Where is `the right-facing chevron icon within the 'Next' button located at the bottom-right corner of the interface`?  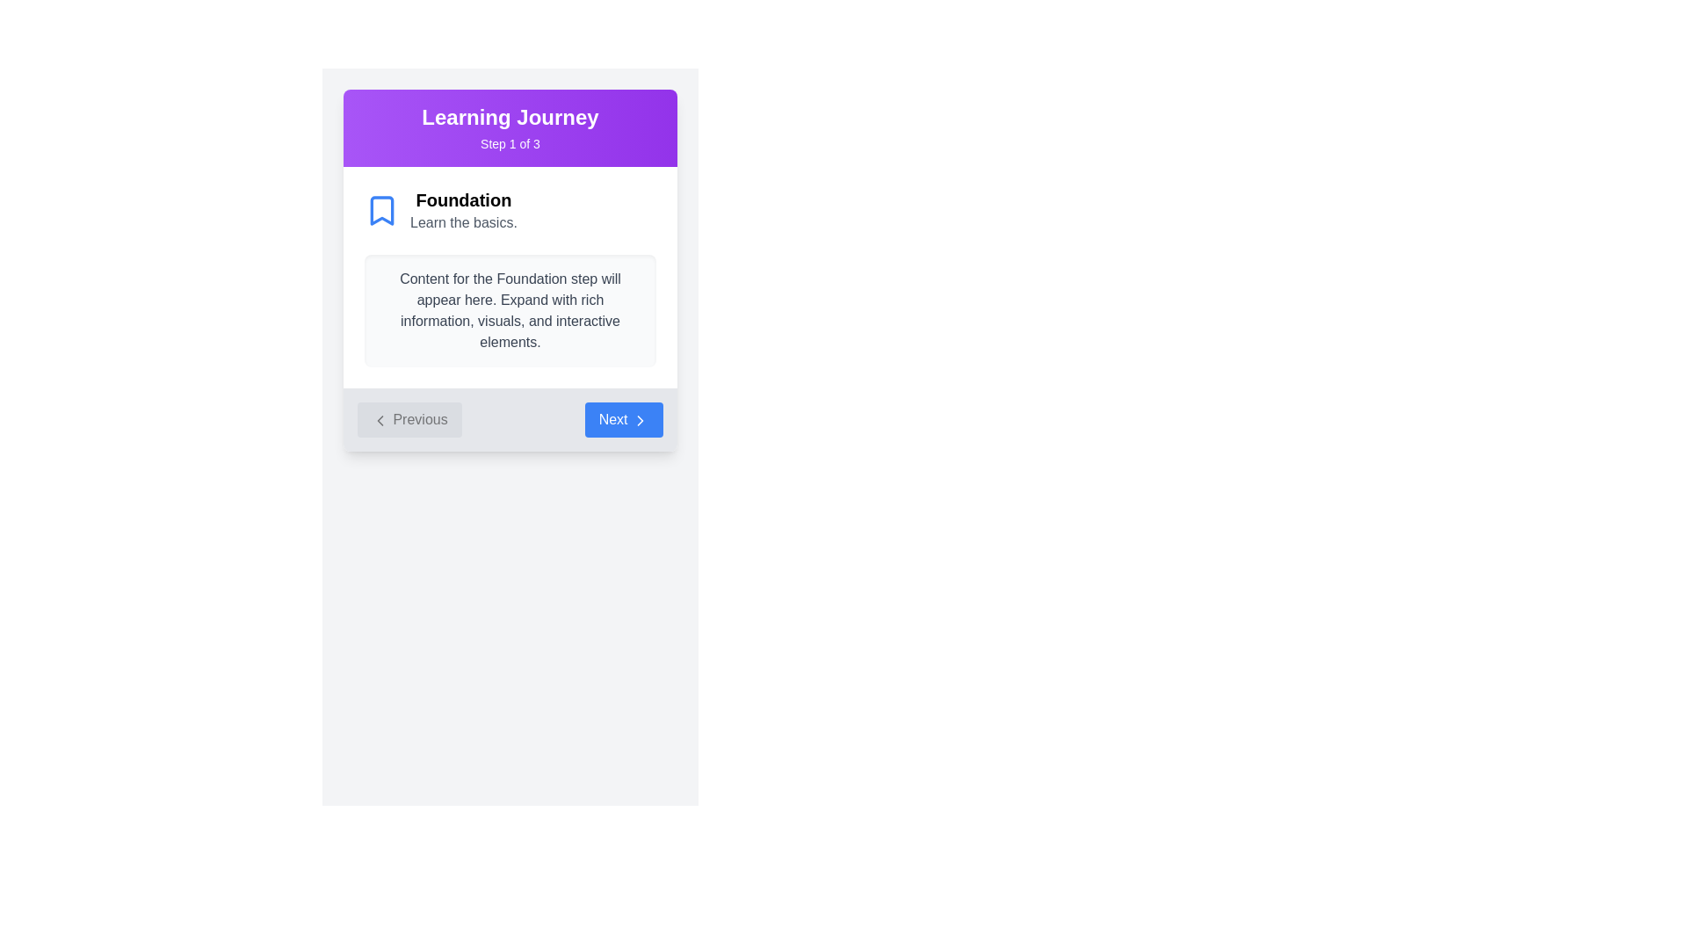
the right-facing chevron icon within the 'Next' button located at the bottom-right corner of the interface is located at coordinates (640, 420).